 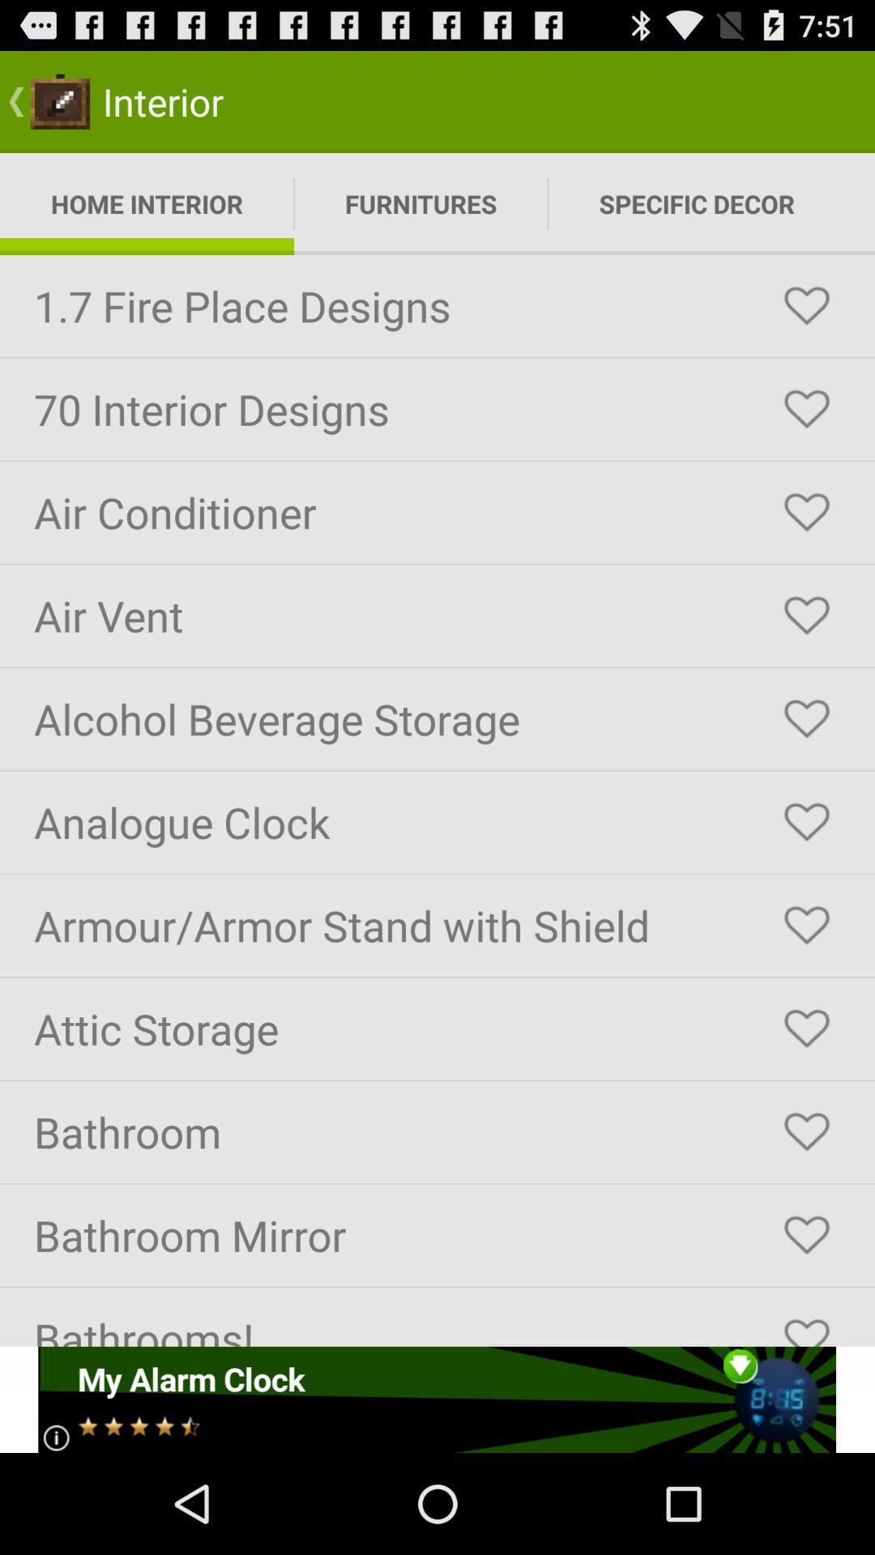 What do you see at coordinates (806, 409) in the screenshot?
I see `like` at bounding box center [806, 409].